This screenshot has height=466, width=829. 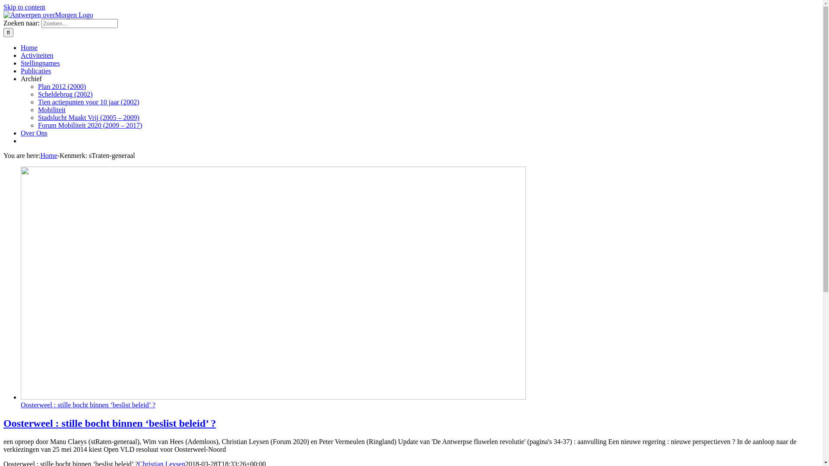 What do you see at coordinates (35, 47) in the screenshot?
I see `'Home'` at bounding box center [35, 47].